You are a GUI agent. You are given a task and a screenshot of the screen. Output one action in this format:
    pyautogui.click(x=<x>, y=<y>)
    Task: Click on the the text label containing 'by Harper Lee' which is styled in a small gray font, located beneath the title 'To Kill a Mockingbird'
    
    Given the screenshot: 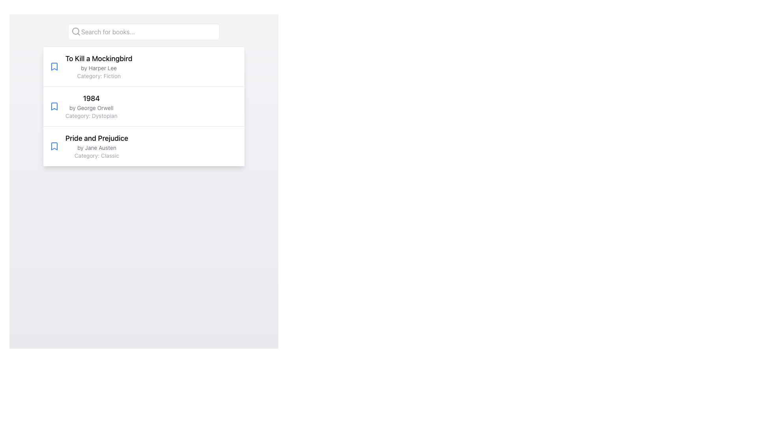 What is the action you would take?
    pyautogui.click(x=98, y=68)
    